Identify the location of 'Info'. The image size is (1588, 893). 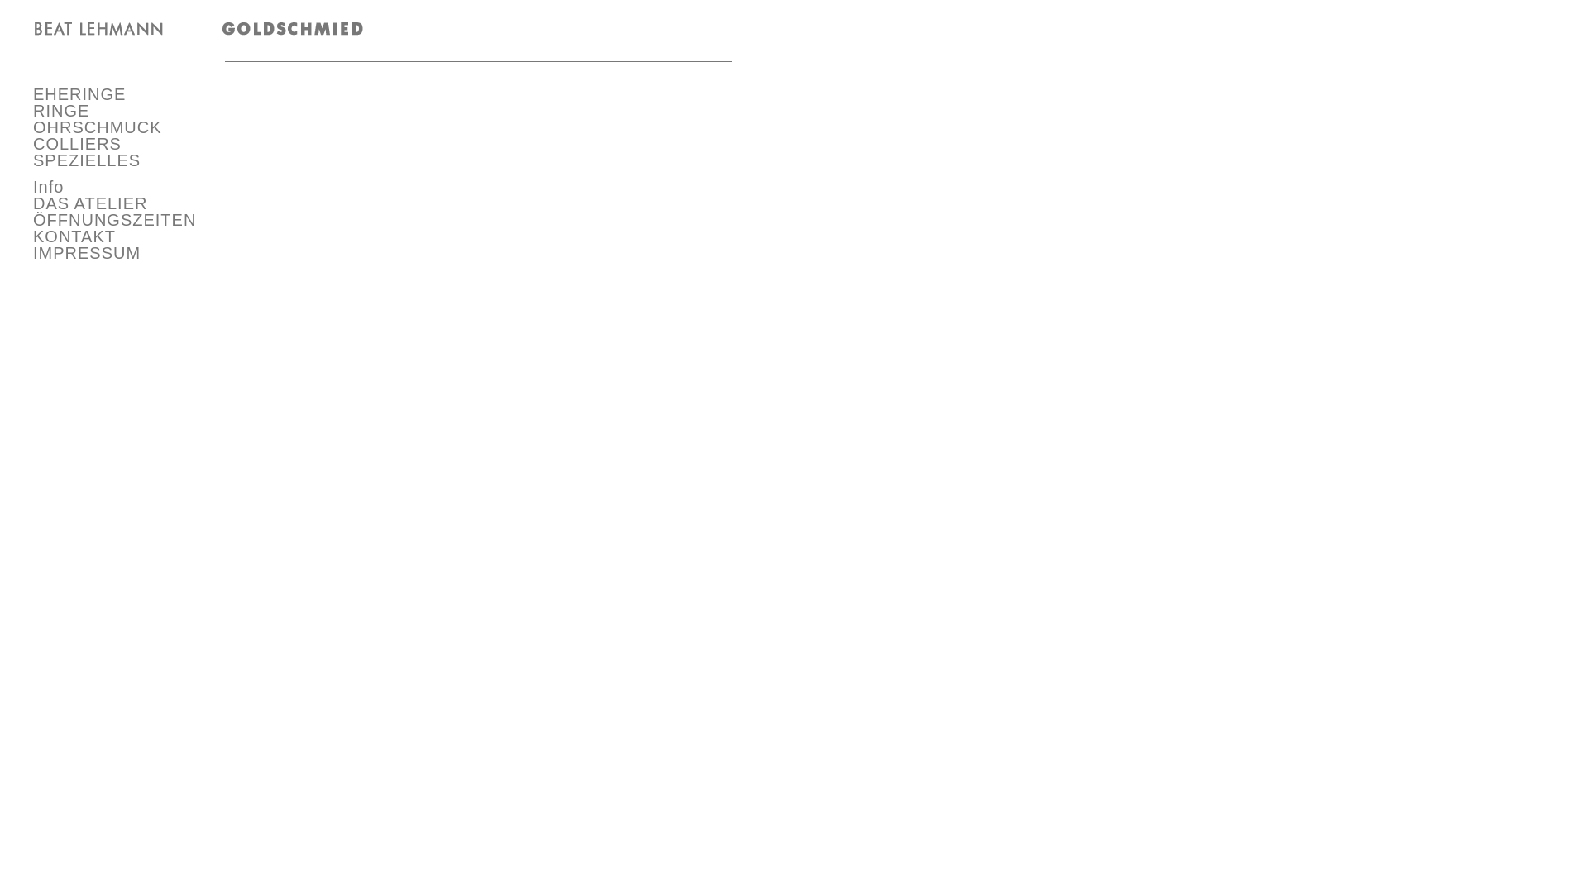
(48, 186).